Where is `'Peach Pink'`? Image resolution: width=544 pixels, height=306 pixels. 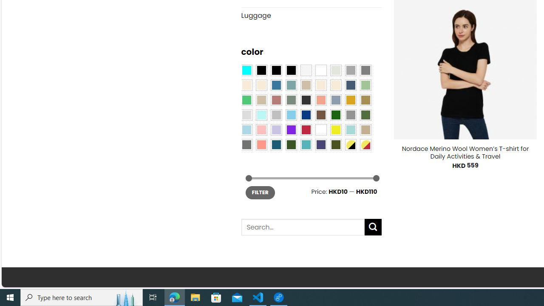 'Peach Pink' is located at coordinates (261, 144).